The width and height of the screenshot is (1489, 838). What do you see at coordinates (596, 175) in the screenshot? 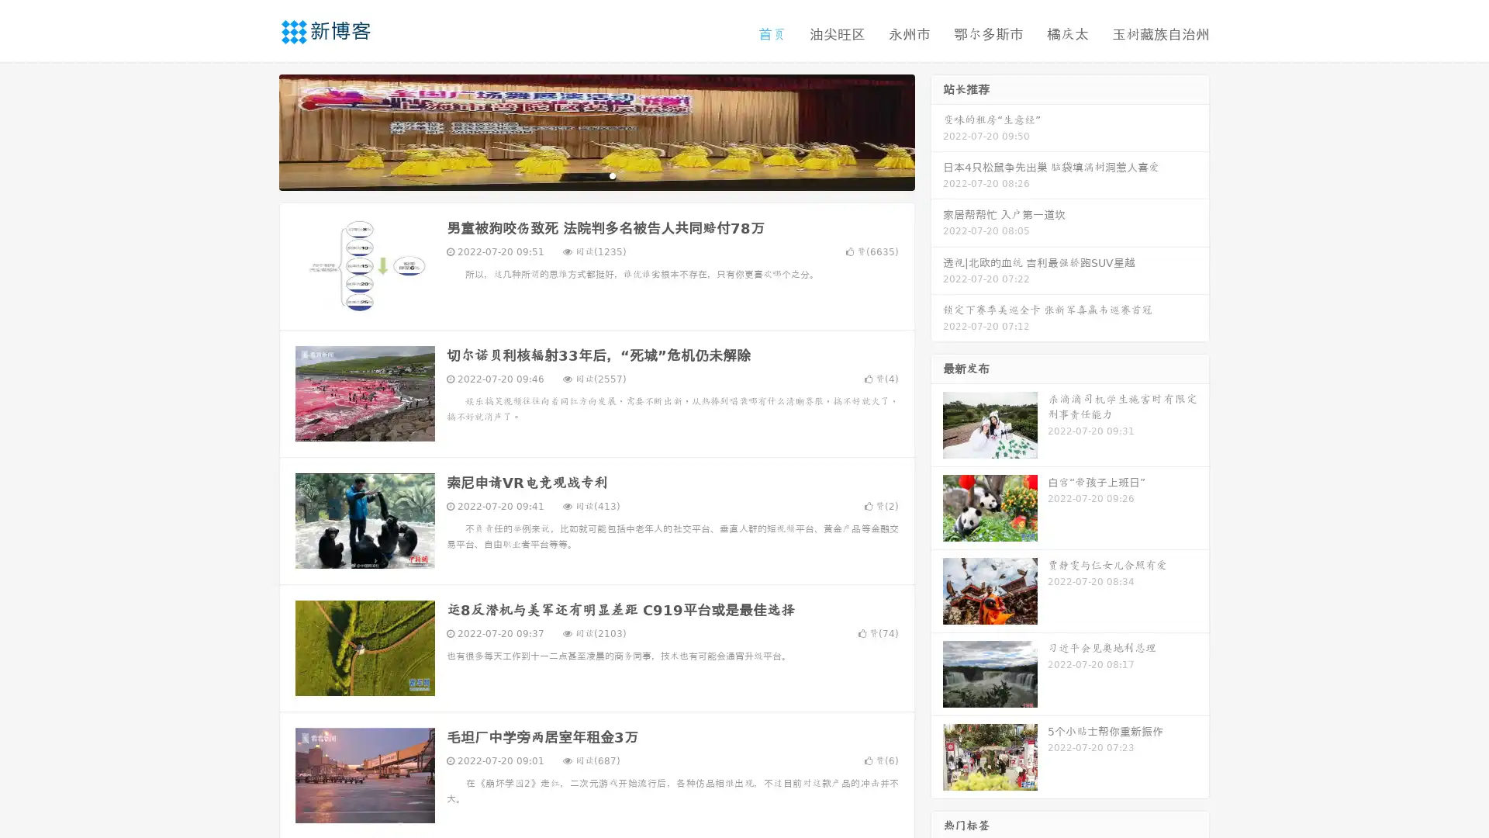
I see `Go to slide 2` at bounding box center [596, 175].